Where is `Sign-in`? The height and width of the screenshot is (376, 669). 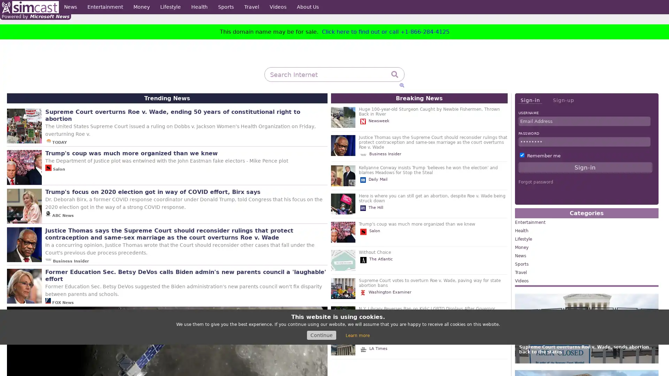 Sign-in is located at coordinates (530, 100).